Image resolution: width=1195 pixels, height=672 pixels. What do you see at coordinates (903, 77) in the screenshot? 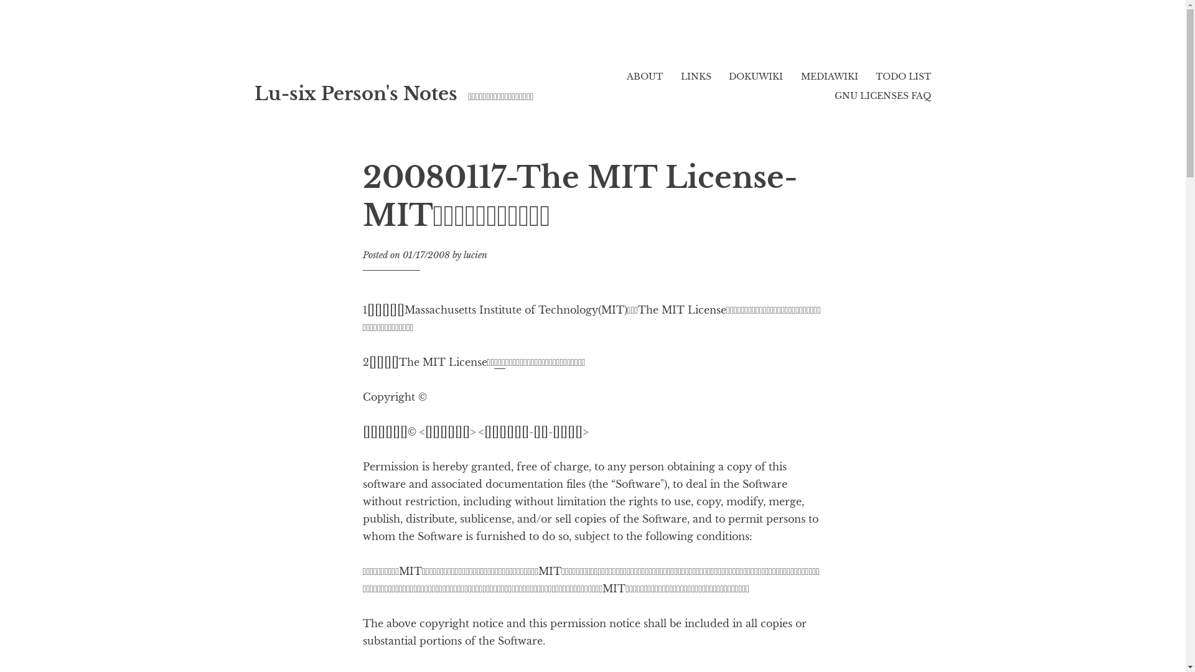
I see `'TODO LIST'` at bounding box center [903, 77].